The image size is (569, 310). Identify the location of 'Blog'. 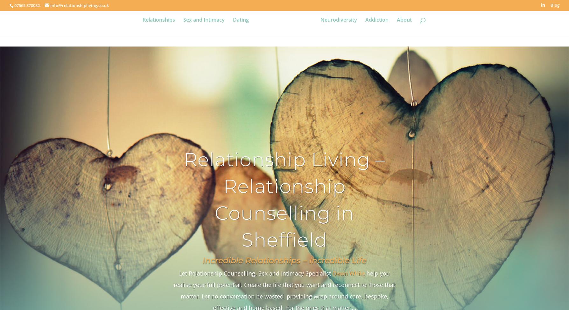
(555, 4).